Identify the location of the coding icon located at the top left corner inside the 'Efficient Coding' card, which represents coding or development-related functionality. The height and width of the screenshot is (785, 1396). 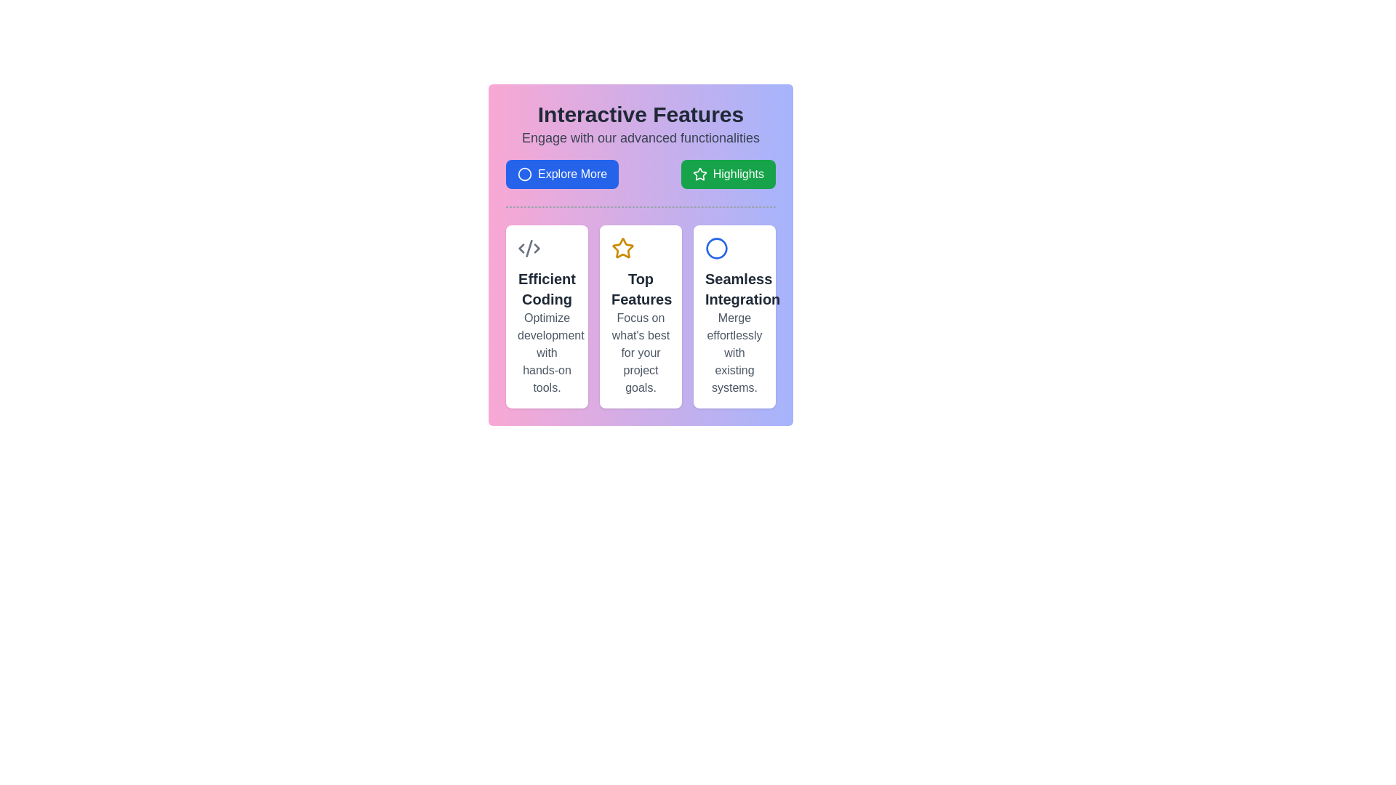
(529, 248).